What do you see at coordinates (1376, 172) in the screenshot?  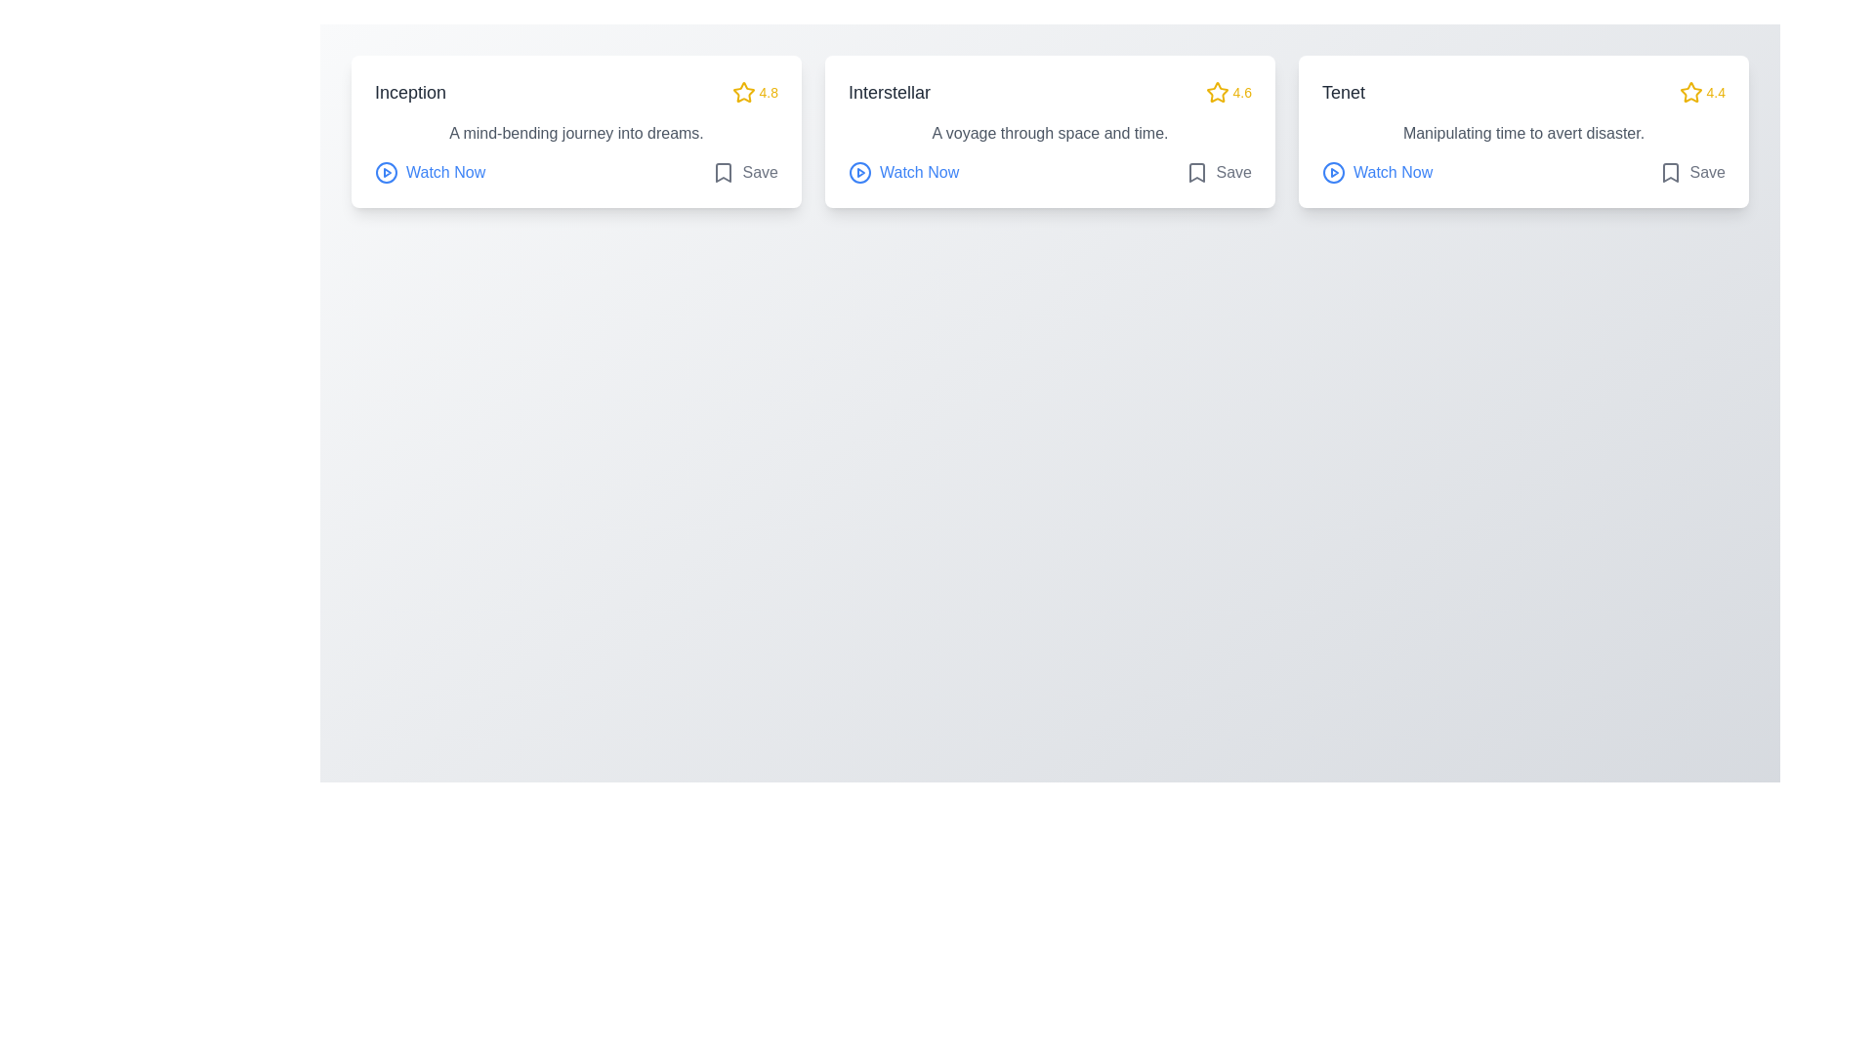 I see `the blue text button labeled 'Watch Now' with a play icon to the left, located below the movie 'Tenet' in the far-right card` at bounding box center [1376, 172].